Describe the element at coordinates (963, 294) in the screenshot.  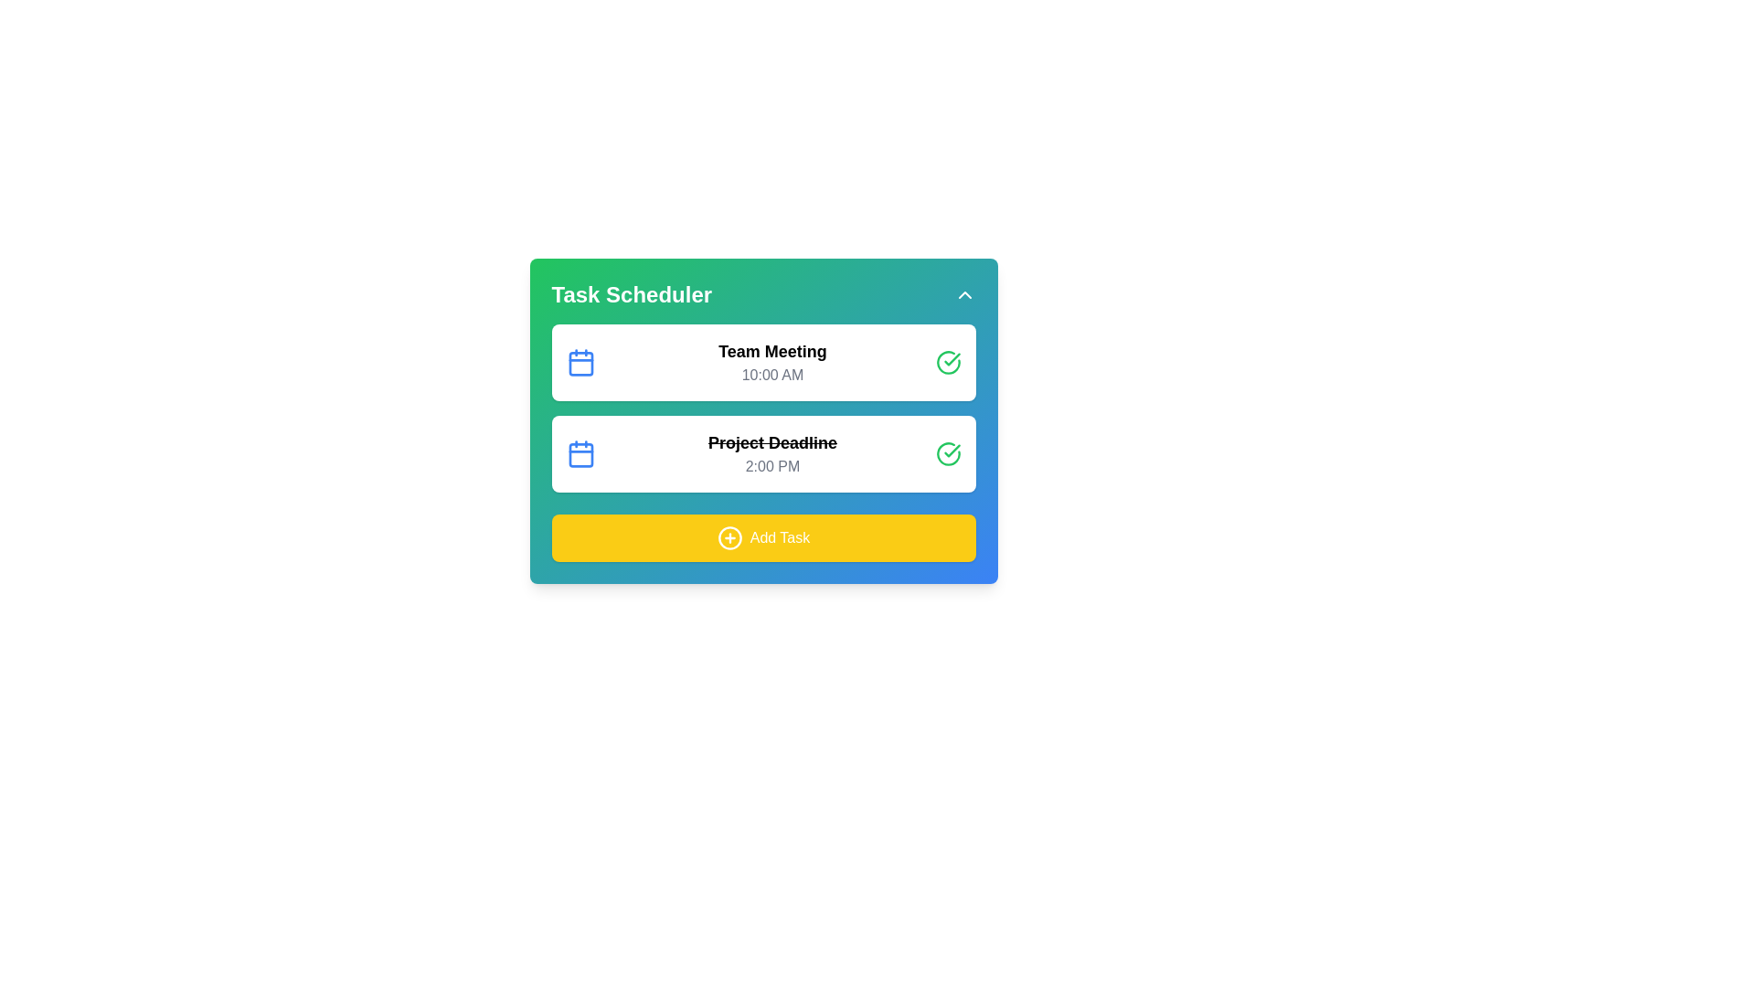
I see `the upward-pointing chevron icon button located in the top-right corner of the 'Task Scheduler' pane` at that location.